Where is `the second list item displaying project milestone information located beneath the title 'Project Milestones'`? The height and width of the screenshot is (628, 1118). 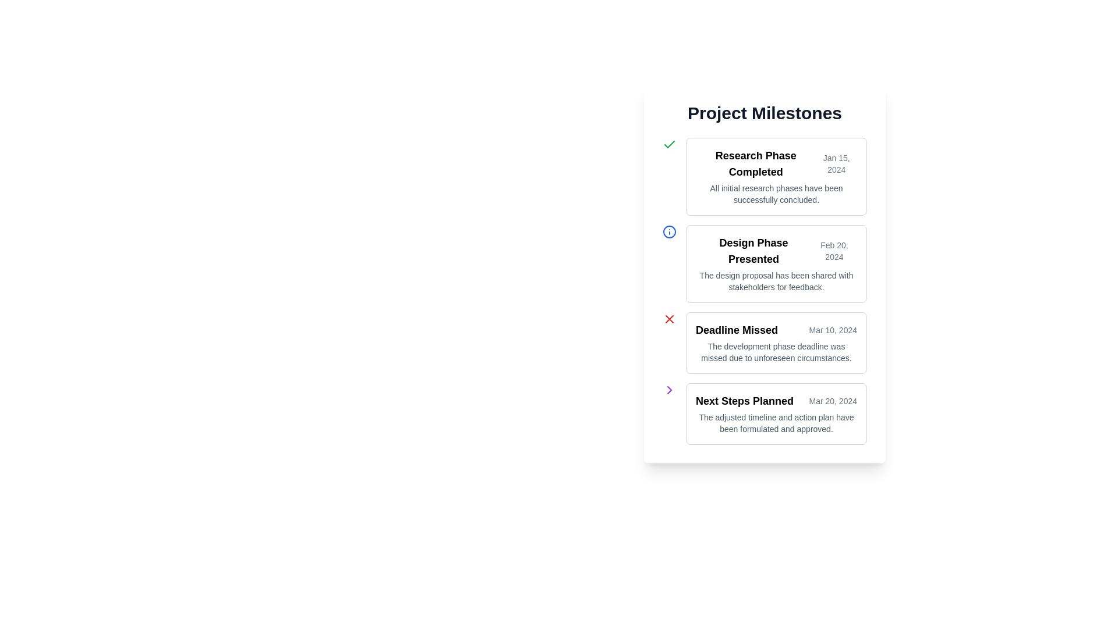
the second list item displaying project milestone information located beneath the title 'Project Milestones' is located at coordinates (765, 291).